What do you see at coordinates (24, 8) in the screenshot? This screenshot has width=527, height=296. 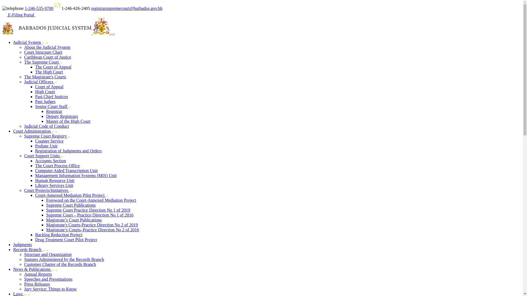 I see `'1-246-535-9700'` at bounding box center [24, 8].